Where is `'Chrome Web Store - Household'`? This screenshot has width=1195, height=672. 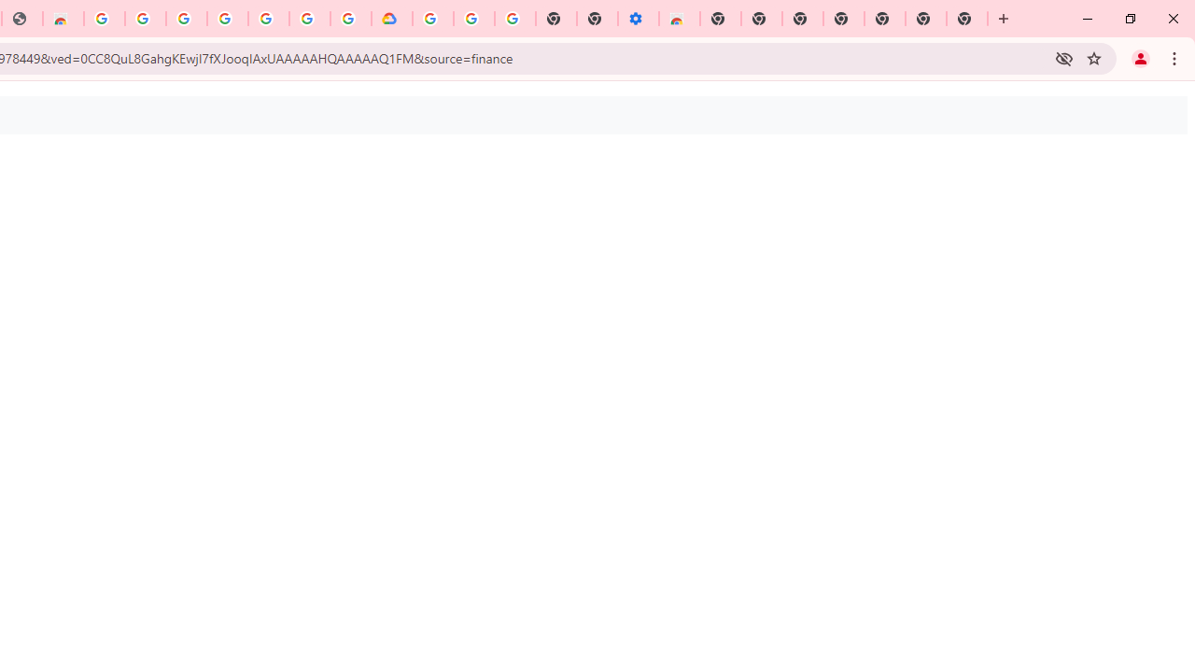 'Chrome Web Store - Household' is located at coordinates (63, 19).